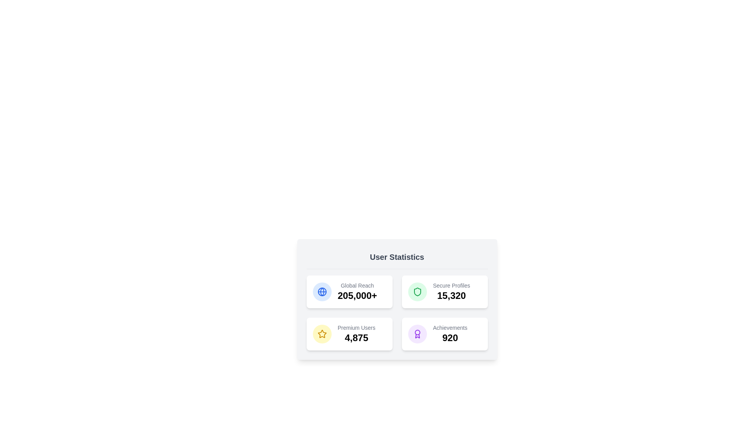 This screenshot has height=422, width=750. I want to click on the 'Global Reach' text label, which is styled in a small, gray font and positioned above the larger numeric label '205,000+' within a rounded rectangular area in the upper-left block of the grid layout, so click(357, 286).